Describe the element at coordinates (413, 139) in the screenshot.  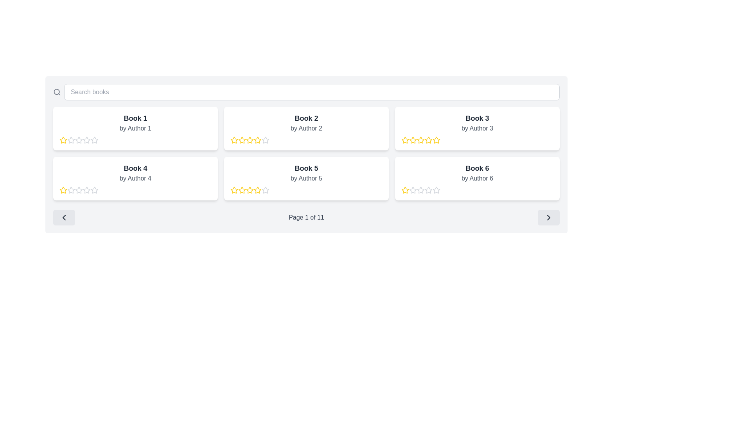
I see `the second yellow rating star in the row of five stars under 'Book 3 by Author 3'` at that location.